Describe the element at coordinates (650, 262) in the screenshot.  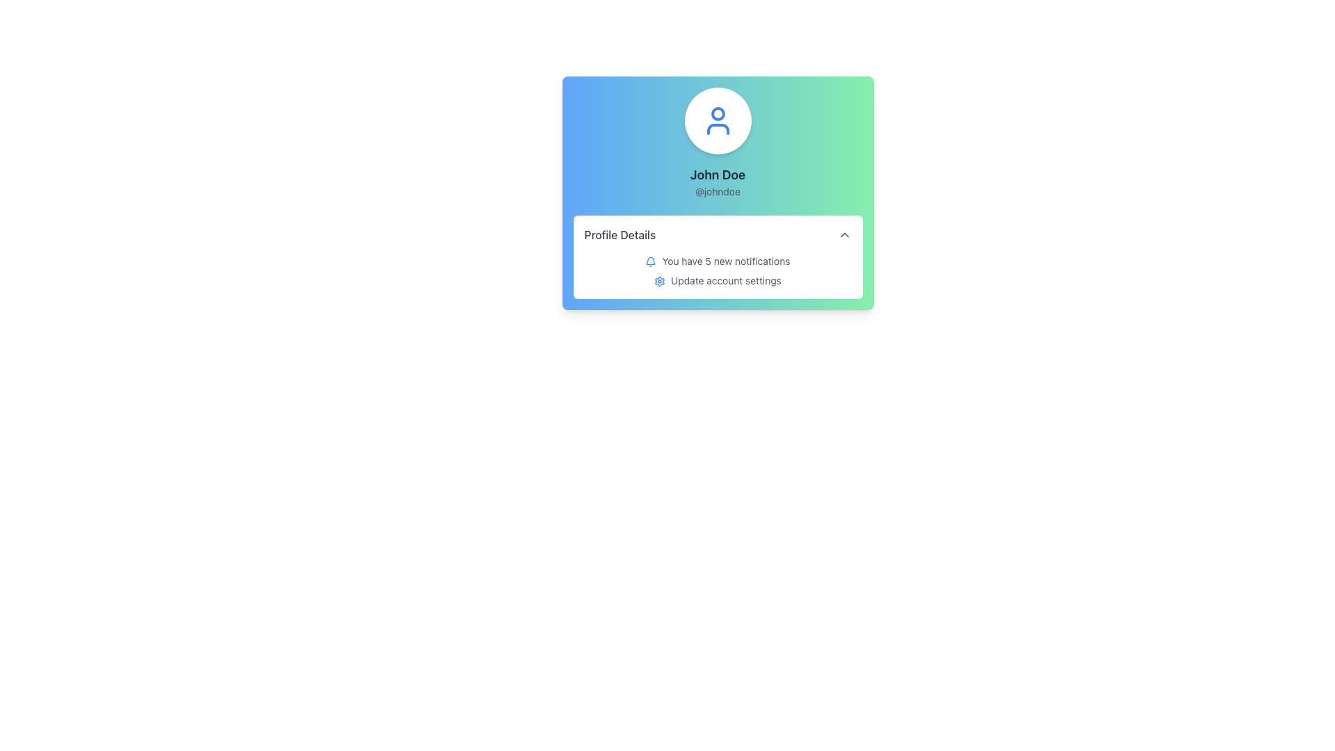
I see `the blue bell icon located to the immediate left of the text 'You have 5 new notifications' in the Profile Details section` at that location.